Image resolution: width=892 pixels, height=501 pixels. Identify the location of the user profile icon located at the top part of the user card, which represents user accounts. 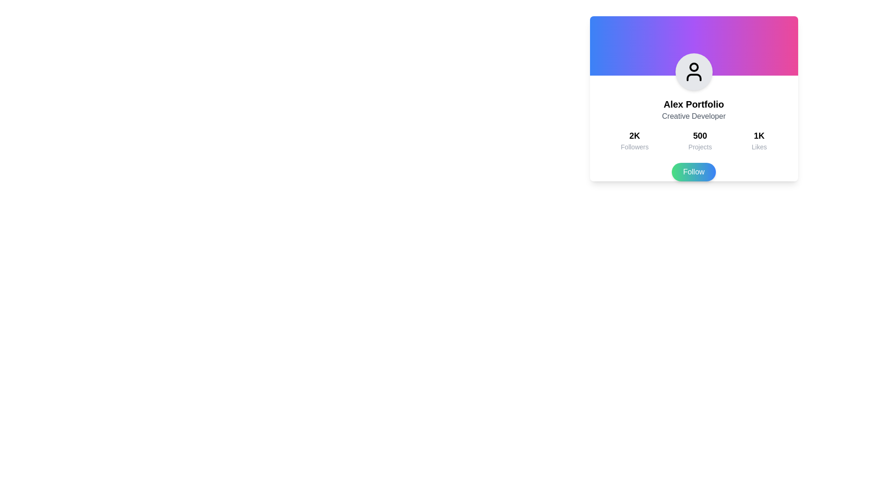
(694, 71).